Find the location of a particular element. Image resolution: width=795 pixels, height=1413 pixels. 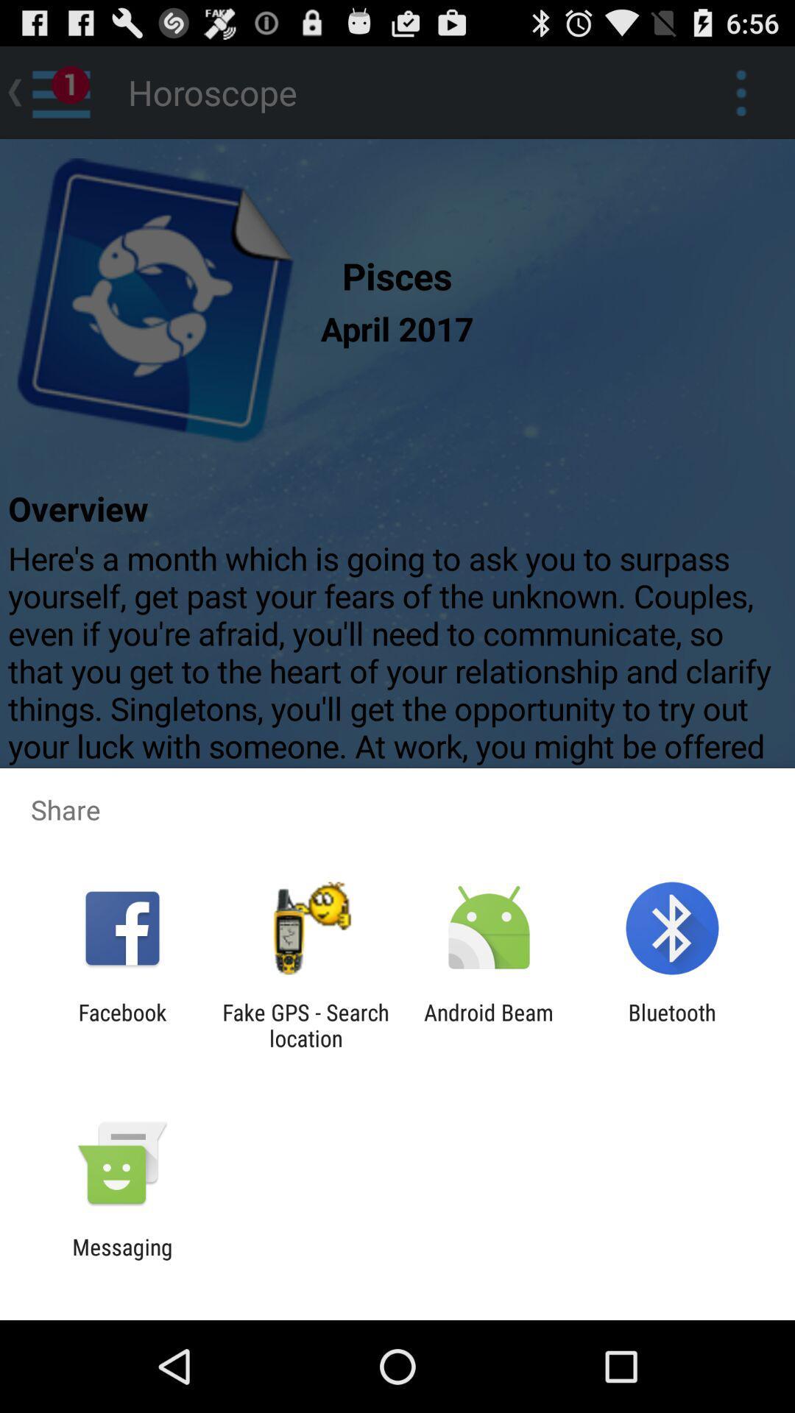

the app next to the android beam app is located at coordinates (305, 1024).